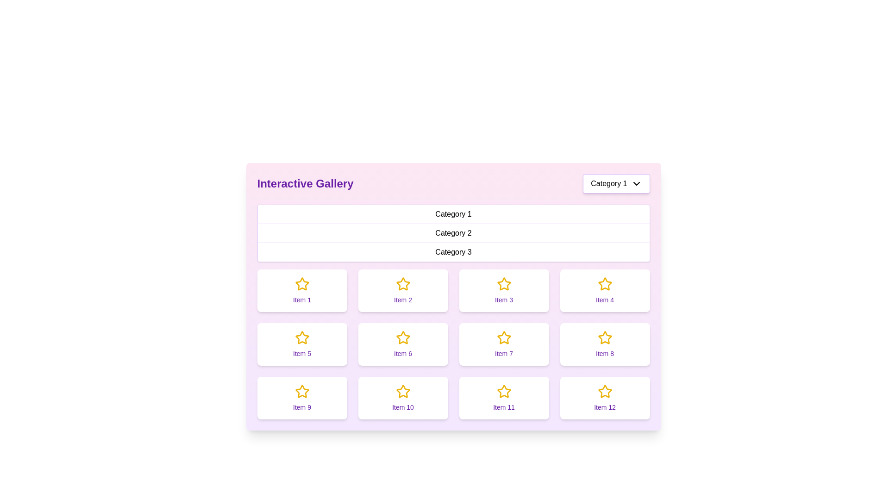  I want to click on the yellow outlined star icon labeled 'Item 2', so click(402, 283).